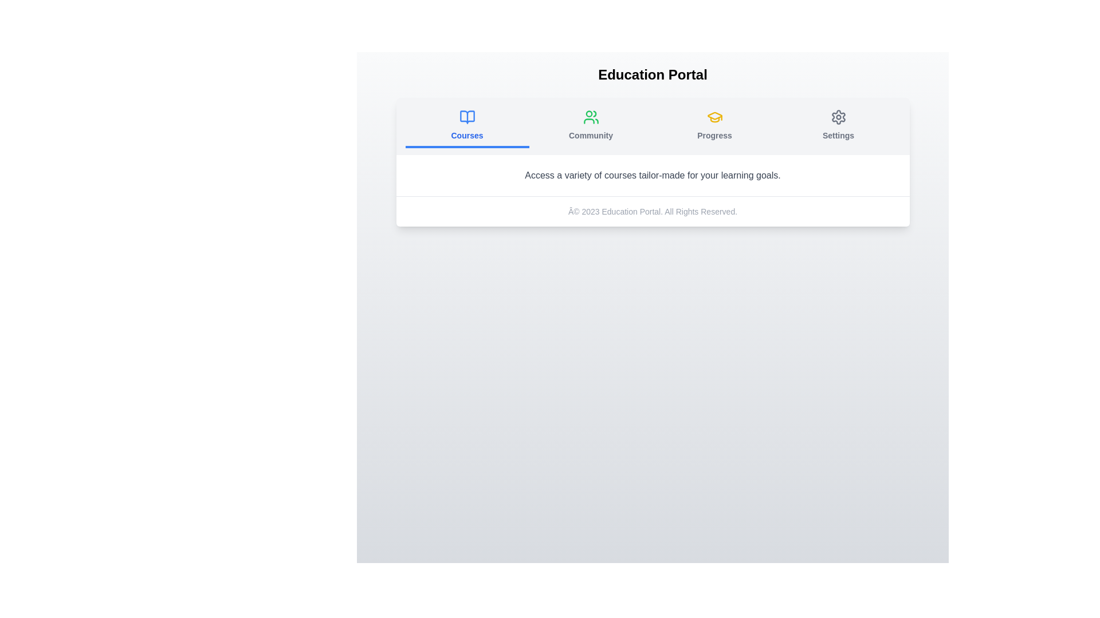 The image size is (1100, 618). Describe the element at coordinates (838, 117) in the screenshot. I see `the gear icon labeled 'Settings' located at the top-right section of the interface` at that location.